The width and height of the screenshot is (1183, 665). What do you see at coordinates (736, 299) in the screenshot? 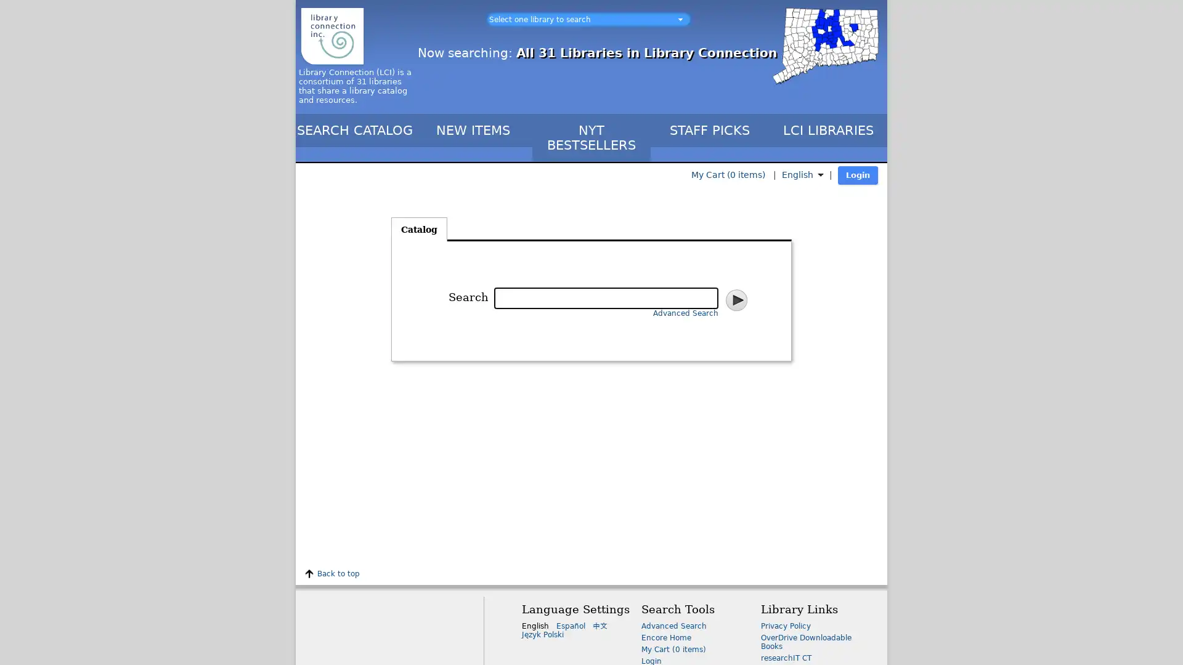
I see `Search` at bounding box center [736, 299].